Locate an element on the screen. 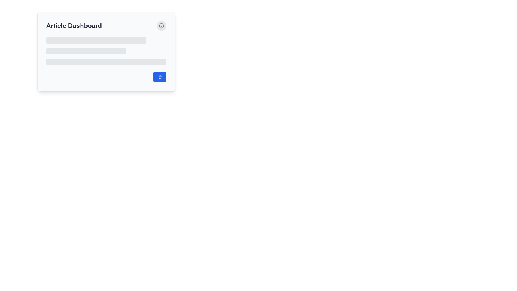 The height and width of the screenshot is (291, 517). the loading indicator in the bottom-right section of the 'Article Dashboard' card is located at coordinates (106, 77).